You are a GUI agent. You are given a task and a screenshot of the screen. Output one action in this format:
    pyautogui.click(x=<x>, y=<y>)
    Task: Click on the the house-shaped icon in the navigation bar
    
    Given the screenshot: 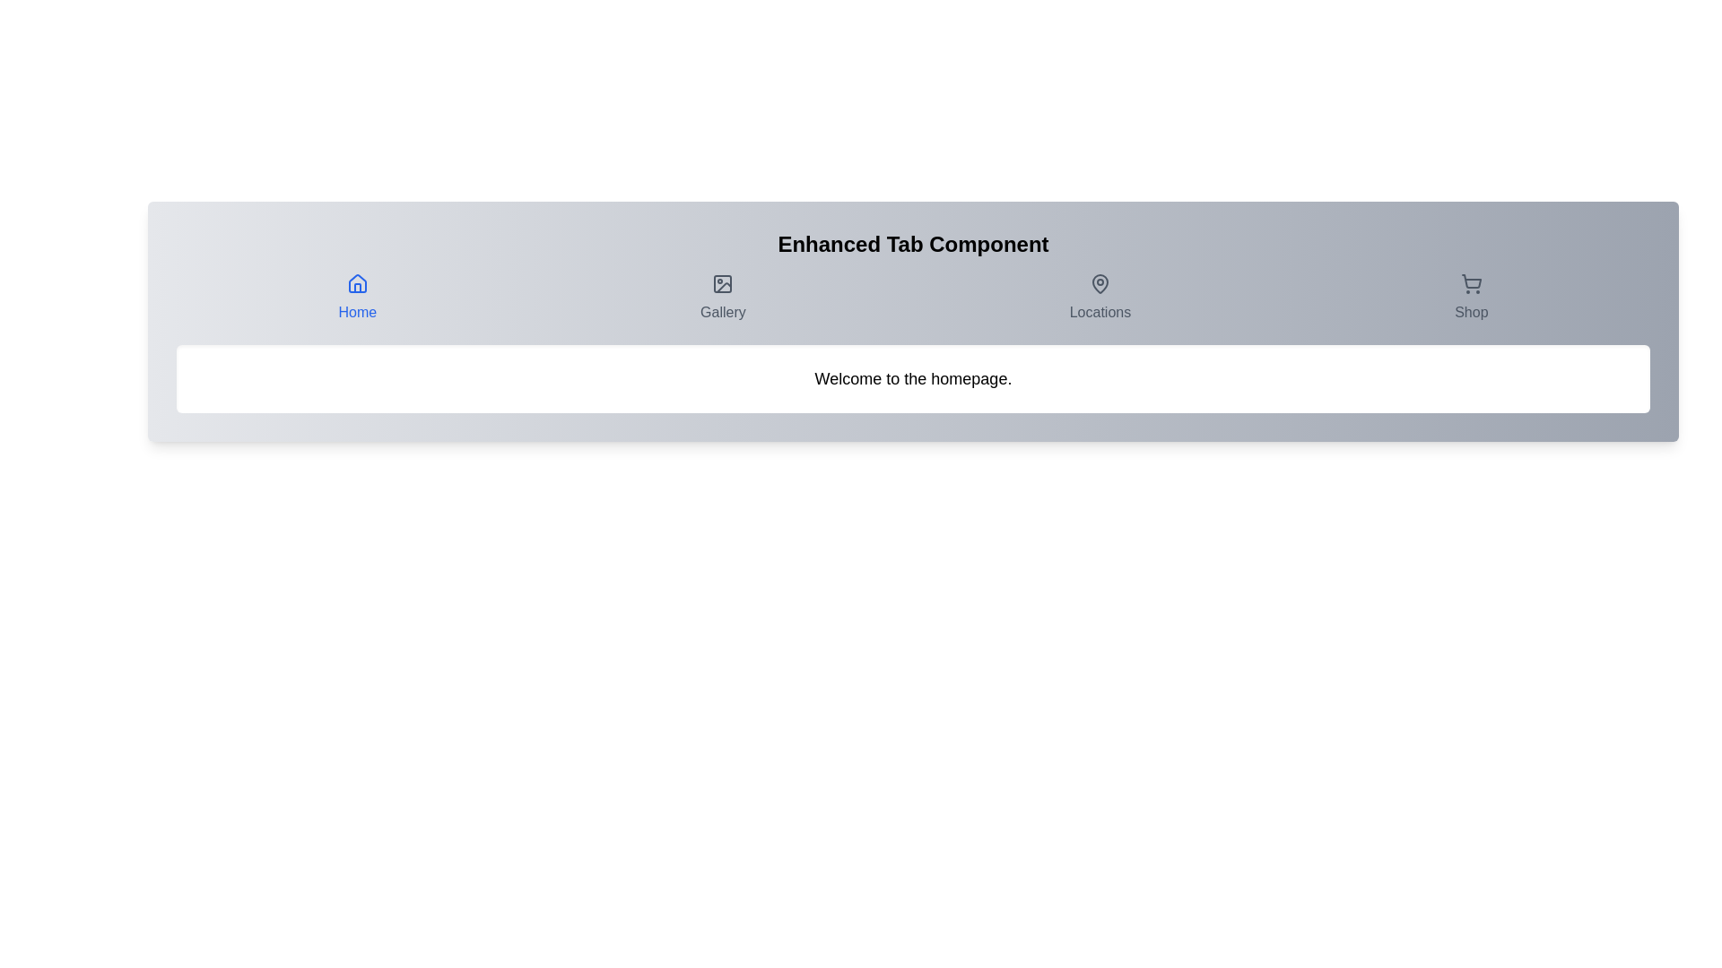 What is the action you would take?
    pyautogui.click(x=357, y=282)
    